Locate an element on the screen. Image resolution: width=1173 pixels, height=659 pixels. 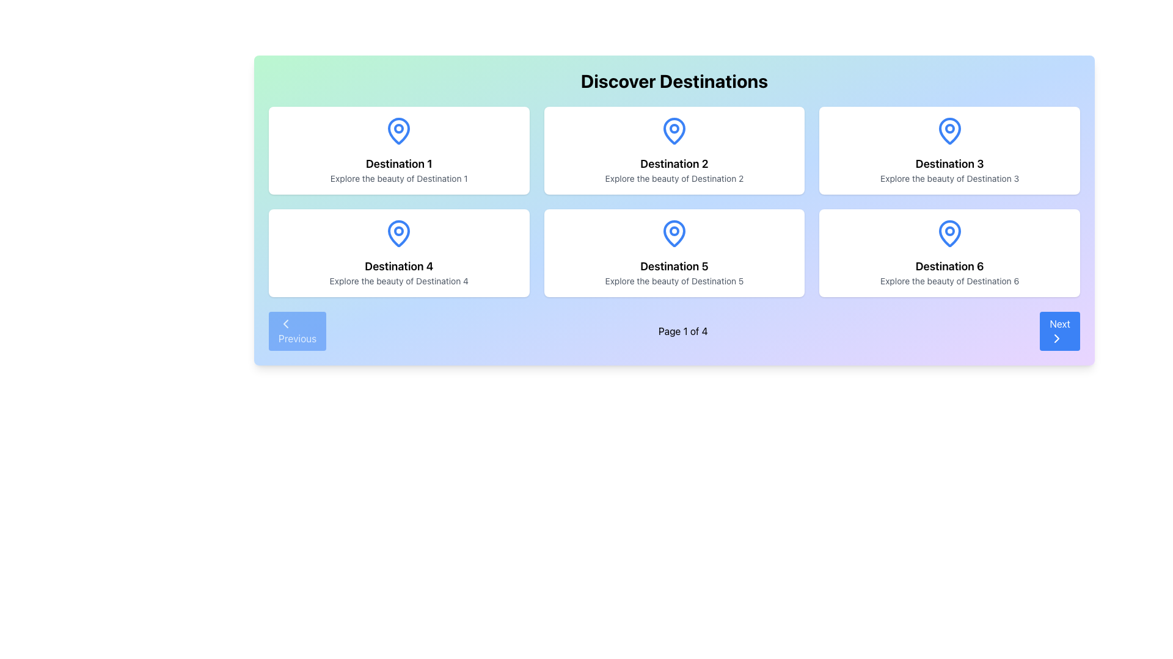
the blue map pin icon located at the top of the 'Destination 1' card, which serves as a visual identifier for the destination is located at coordinates (399, 131).